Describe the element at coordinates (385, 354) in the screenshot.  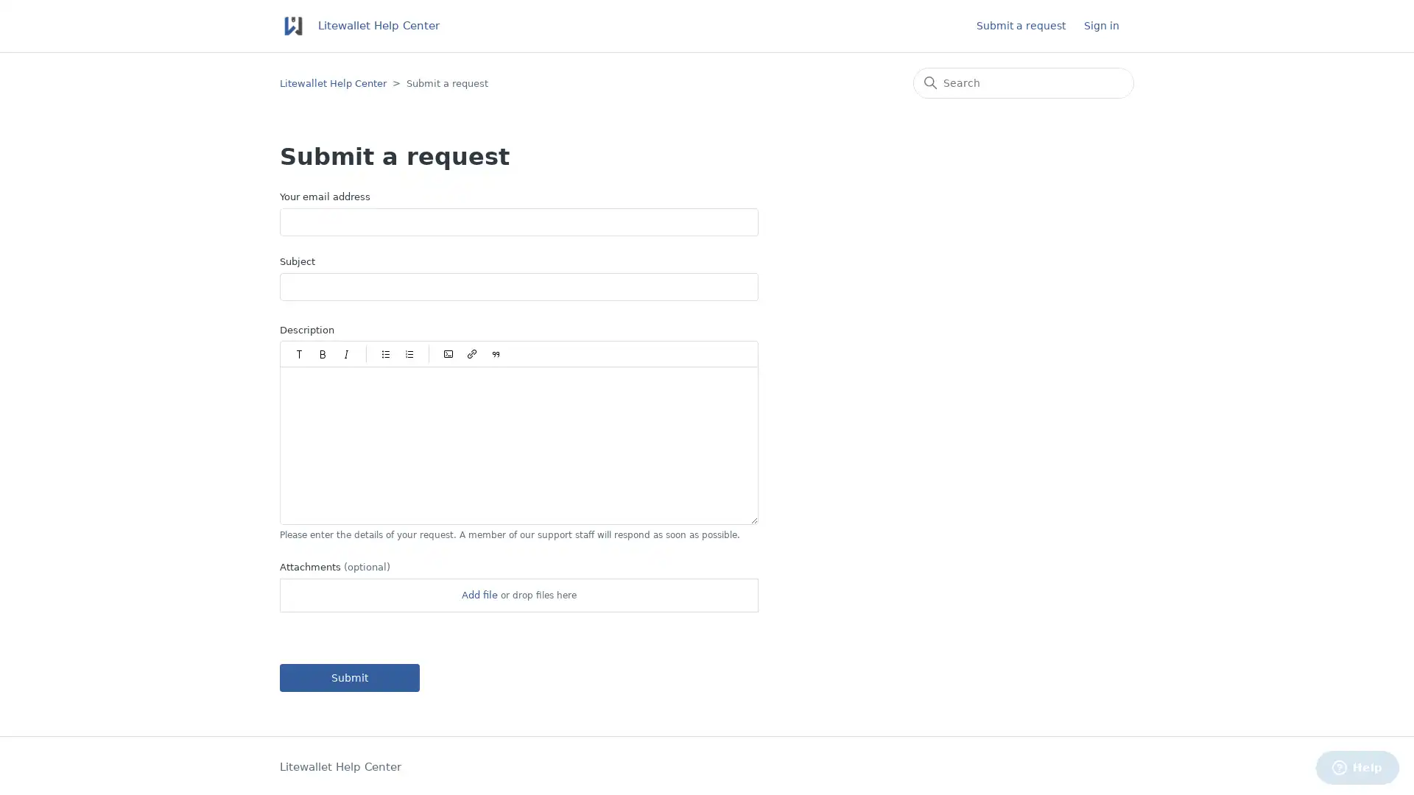
I see `Bulleted list` at that location.